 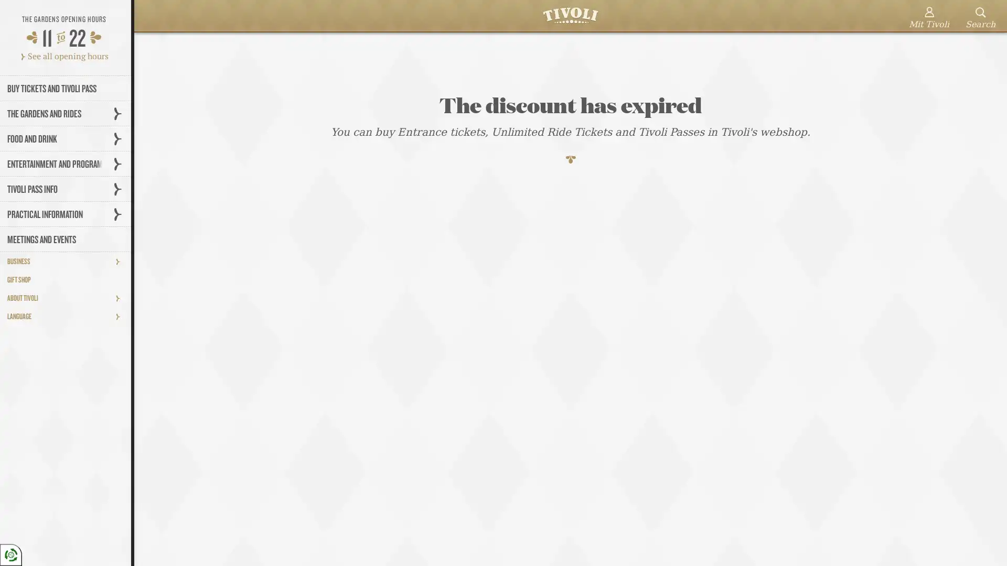 I want to click on Practical information, so click(x=121, y=213).